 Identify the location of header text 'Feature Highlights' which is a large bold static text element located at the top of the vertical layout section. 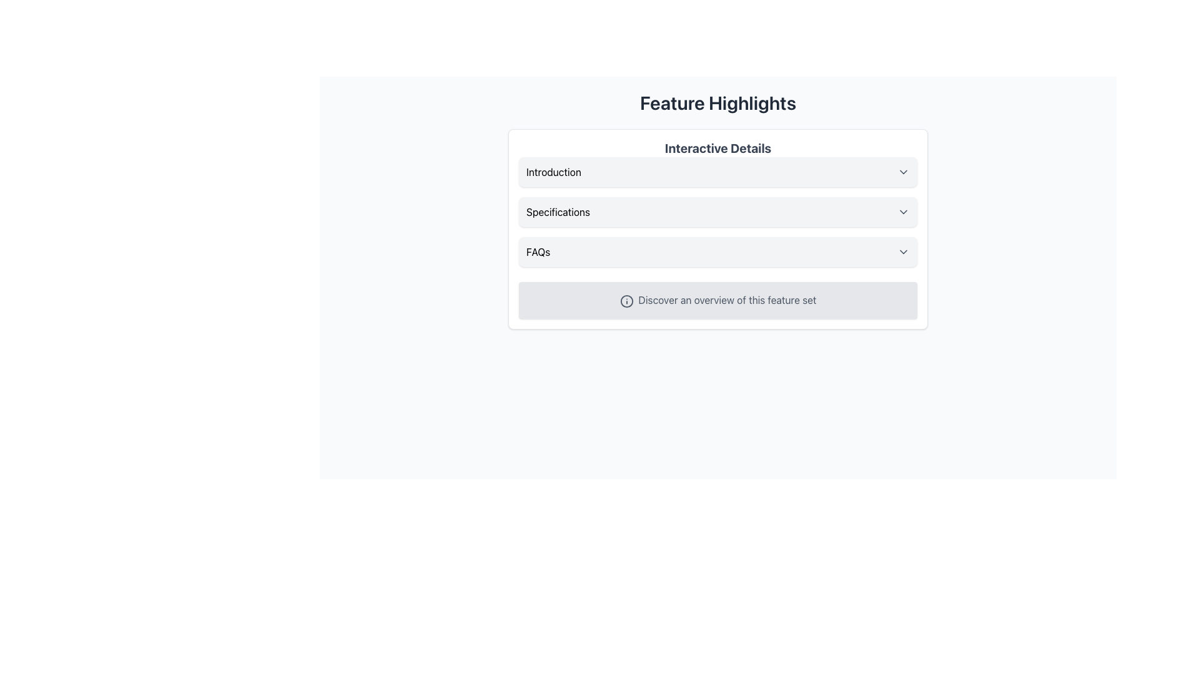
(718, 102).